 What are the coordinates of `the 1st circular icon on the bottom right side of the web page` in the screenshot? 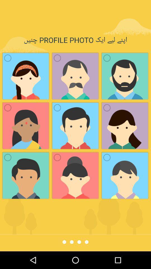 It's located at (107, 157).